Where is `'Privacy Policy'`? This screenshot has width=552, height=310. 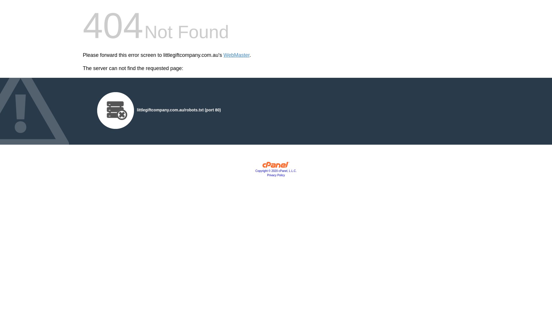 'Privacy Policy' is located at coordinates (276, 175).